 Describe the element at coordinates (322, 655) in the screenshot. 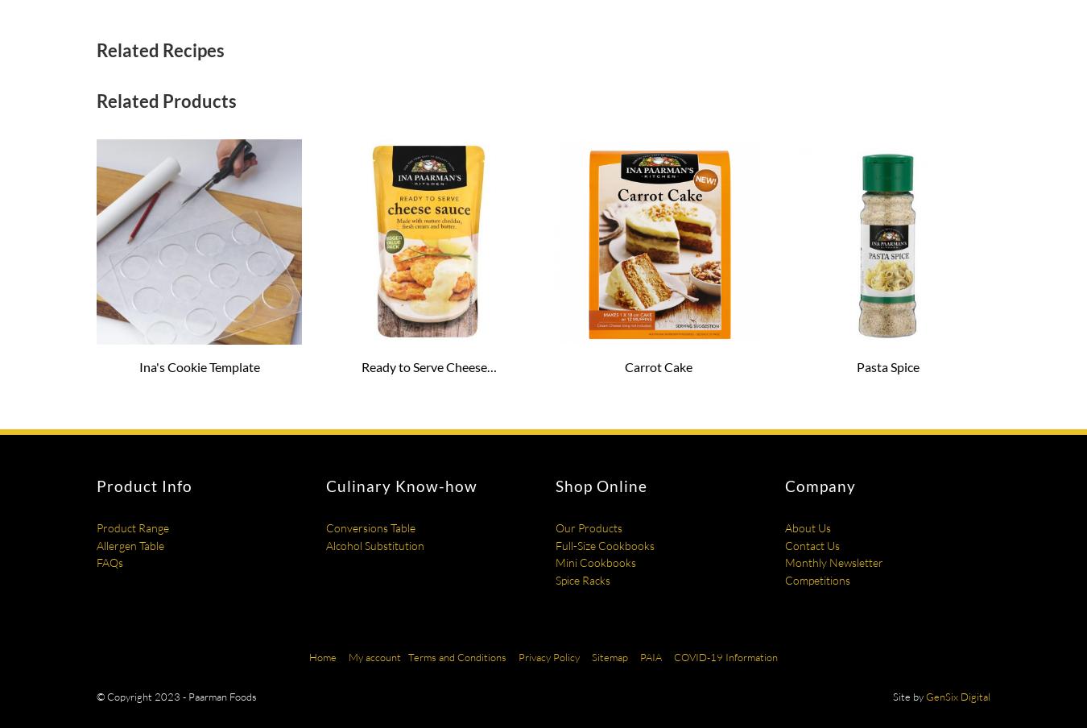

I see `'Home'` at that location.